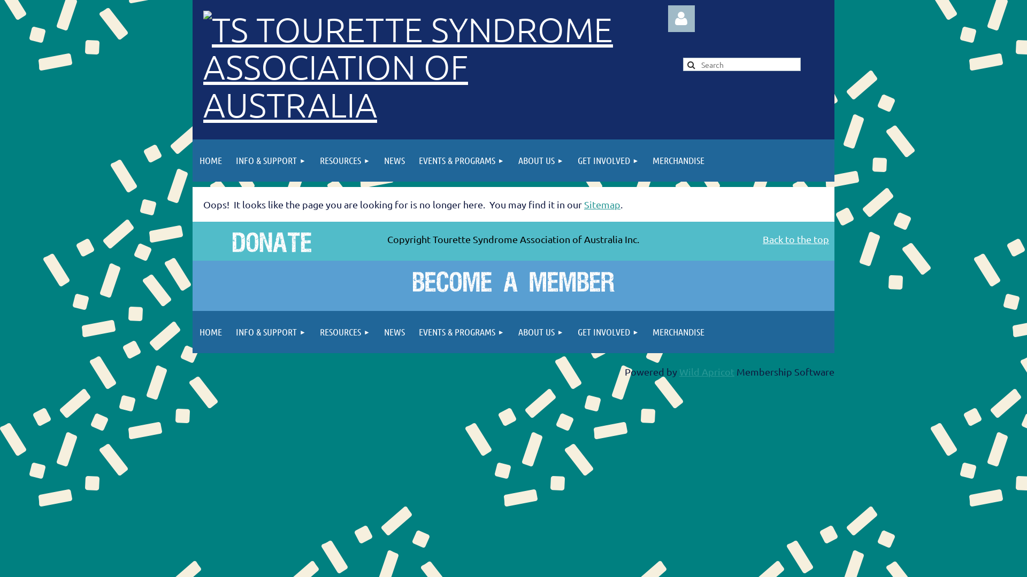 The height and width of the screenshot is (577, 1027). Describe the element at coordinates (513, 281) in the screenshot. I see `'Become a Member'` at that location.